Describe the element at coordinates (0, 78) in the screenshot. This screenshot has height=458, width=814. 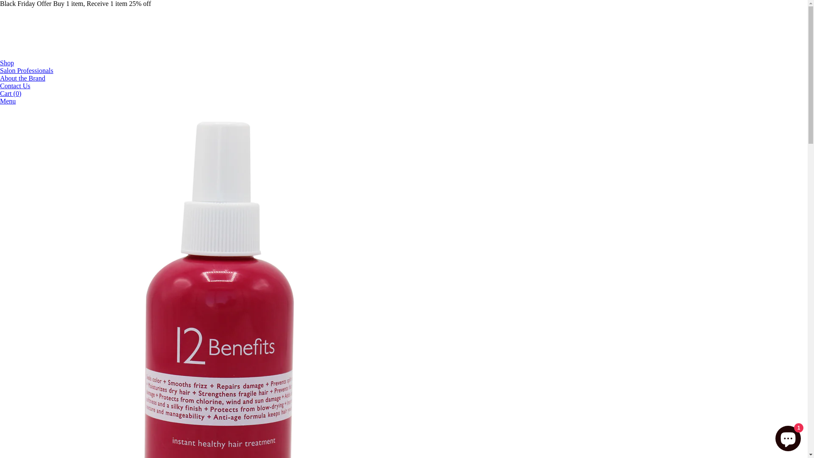
I see `'About the Brand'` at that location.